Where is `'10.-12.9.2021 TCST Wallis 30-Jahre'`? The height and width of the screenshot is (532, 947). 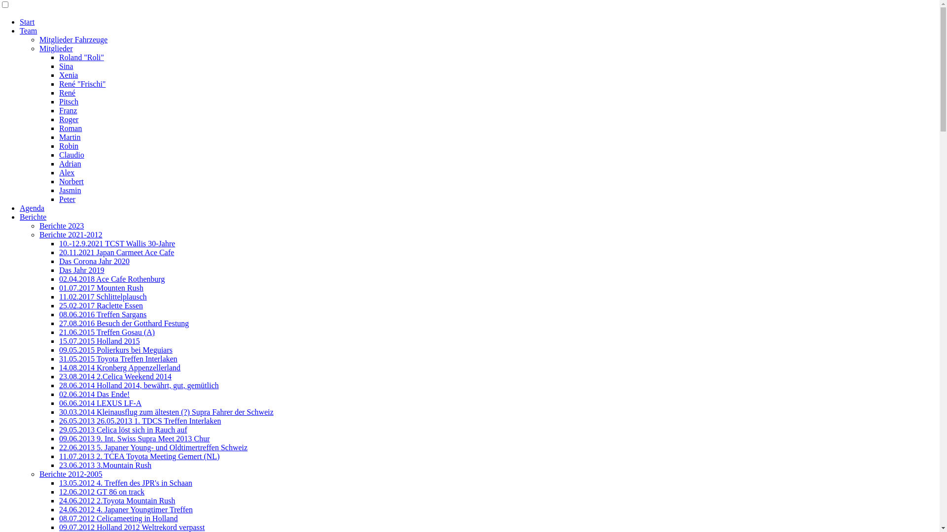
'10.-12.9.2021 TCST Wallis 30-Jahre' is located at coordinates (117, 243).